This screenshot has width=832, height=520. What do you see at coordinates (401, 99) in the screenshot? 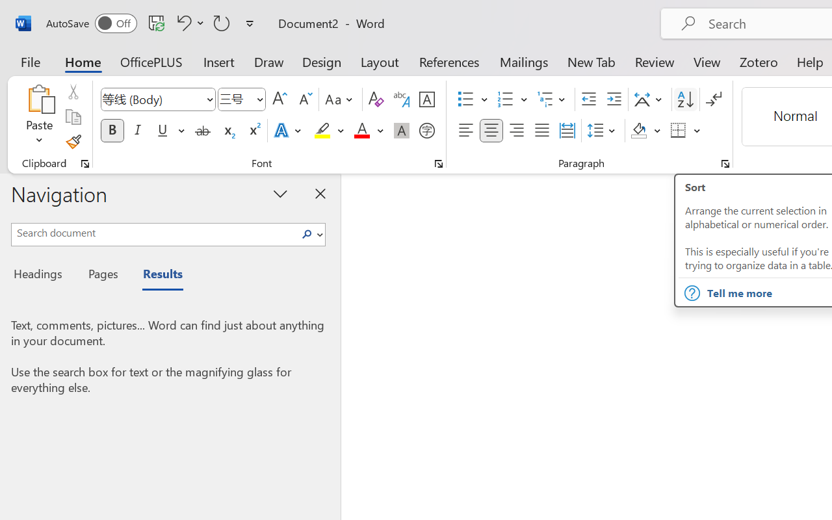
I see `'Phonetic Guide...'` at bounding box center [401, 99].